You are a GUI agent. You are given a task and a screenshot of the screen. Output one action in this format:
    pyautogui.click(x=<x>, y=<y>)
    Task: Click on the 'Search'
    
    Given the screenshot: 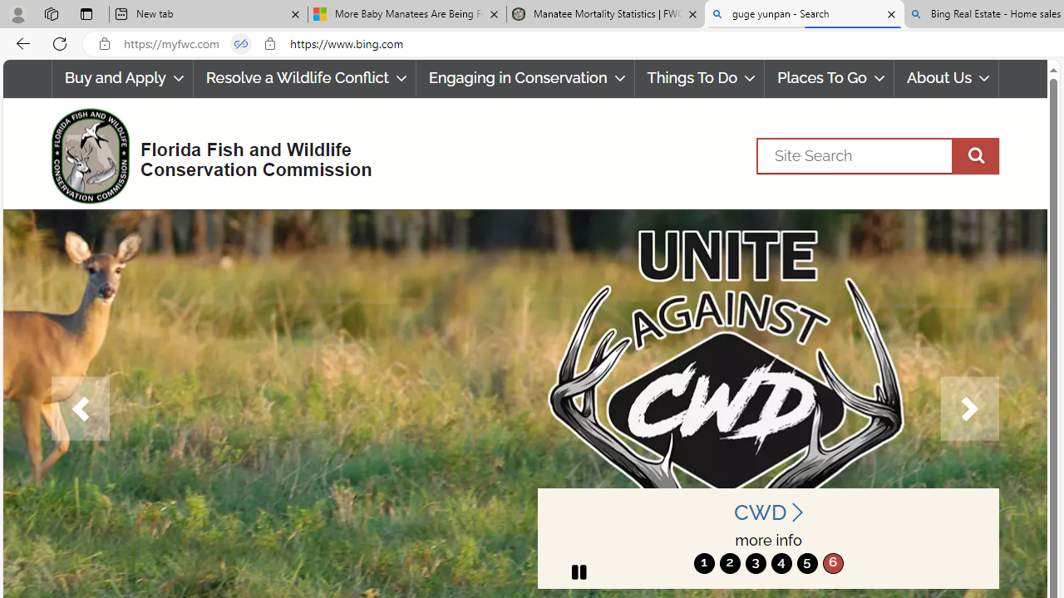 What is the action you would take?
    pyautogui.click(x=877, y=155)
    